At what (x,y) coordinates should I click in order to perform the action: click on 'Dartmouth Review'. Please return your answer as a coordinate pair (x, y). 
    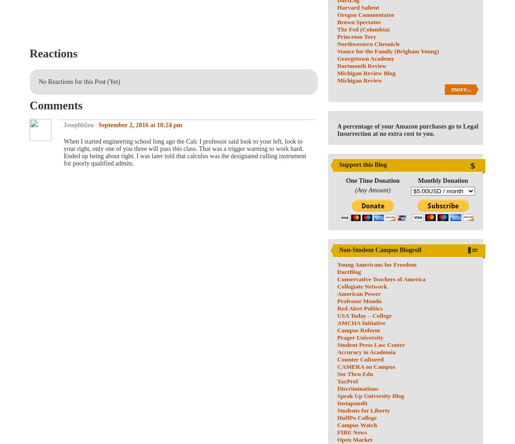
    Looking at the image, I should click on (361, 65).